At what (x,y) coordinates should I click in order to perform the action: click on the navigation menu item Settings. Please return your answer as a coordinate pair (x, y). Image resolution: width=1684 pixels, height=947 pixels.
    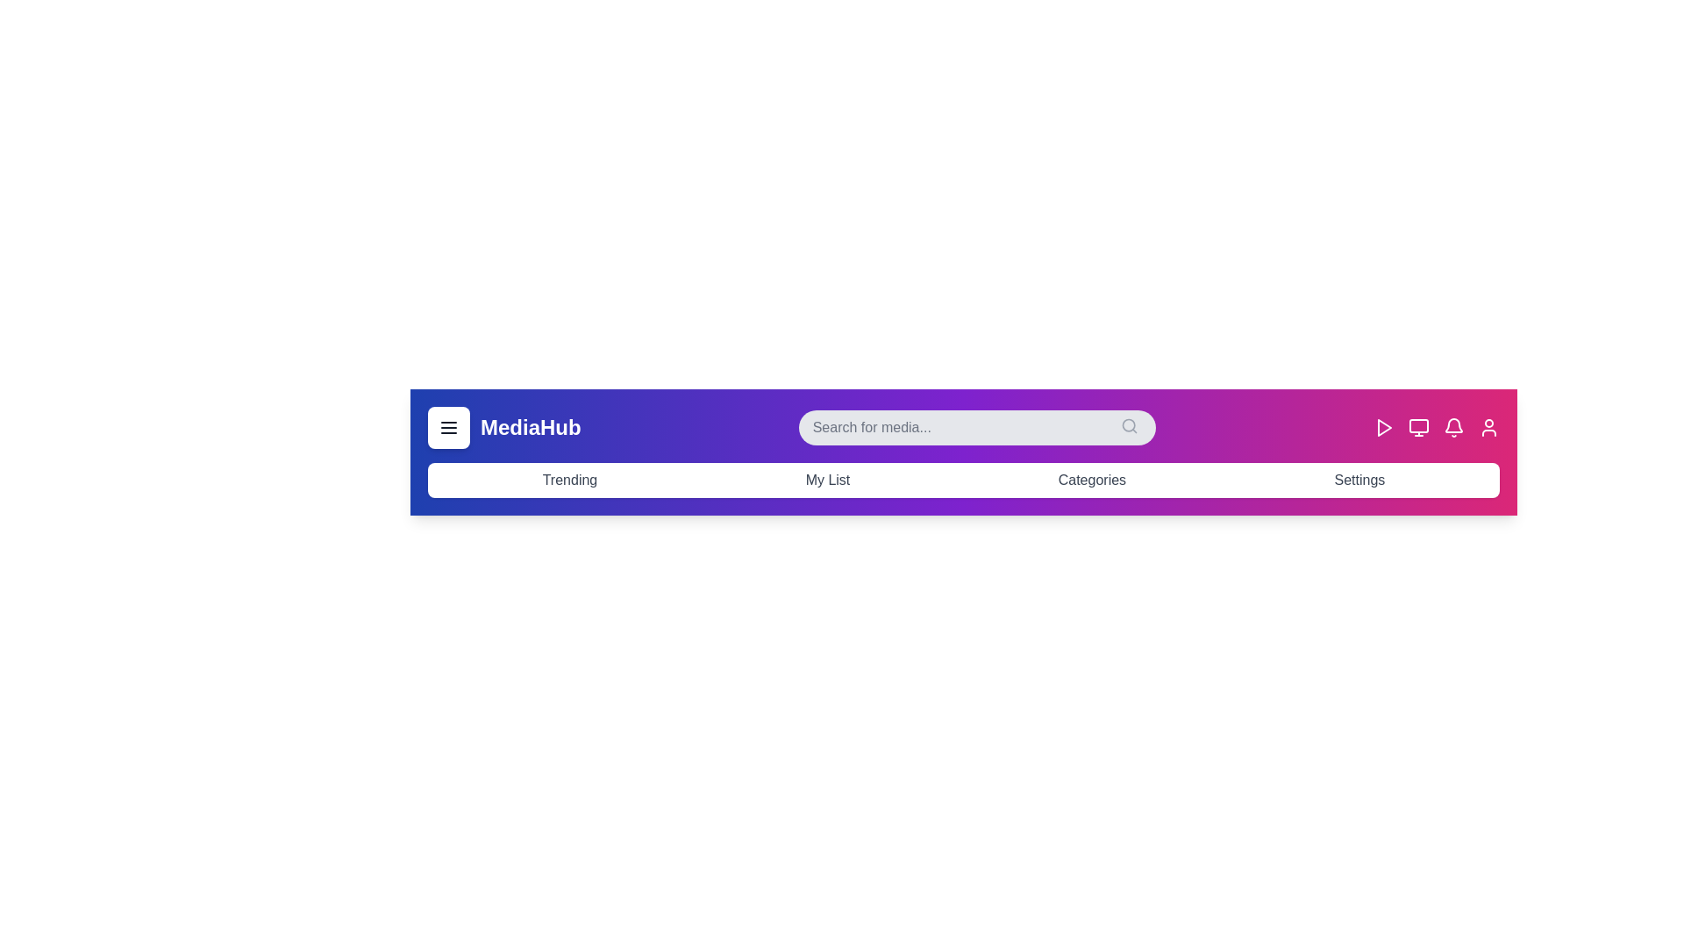
    Looking at the image, I should click on (1359, 480).